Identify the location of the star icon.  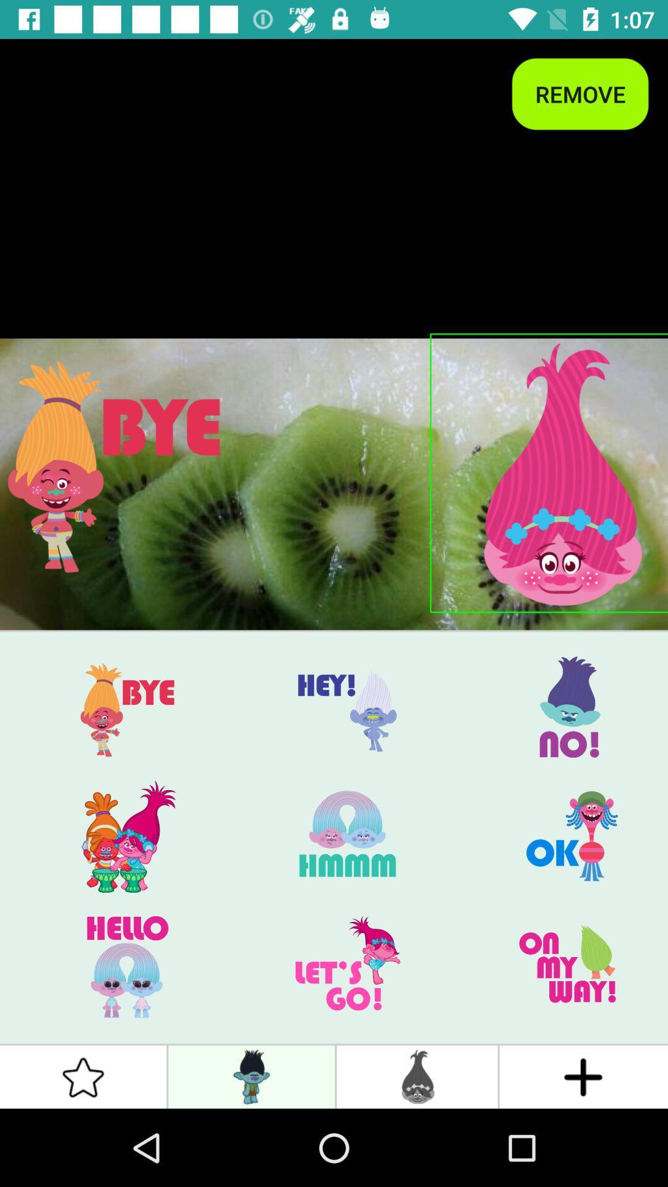
(83, 1076).